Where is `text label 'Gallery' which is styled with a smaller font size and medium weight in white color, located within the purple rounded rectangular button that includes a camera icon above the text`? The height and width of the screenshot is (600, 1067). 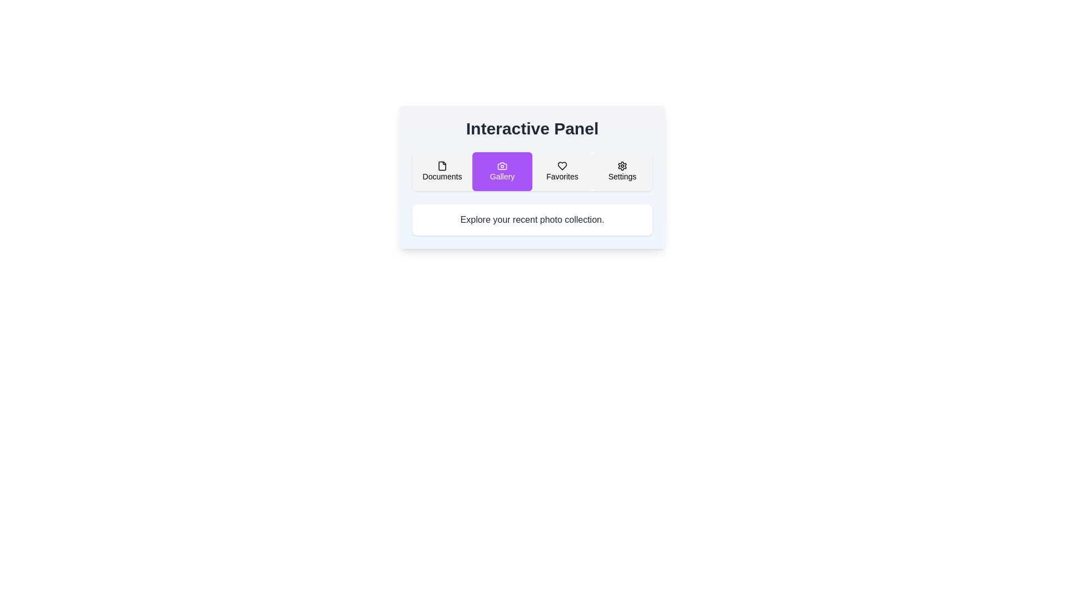
text label 'Gallery' which is styled with a smaller font size and medium weight in white color, located within the purple rounded rectangular button that includes a camera icon above the text is located at coordinates (501, 176).